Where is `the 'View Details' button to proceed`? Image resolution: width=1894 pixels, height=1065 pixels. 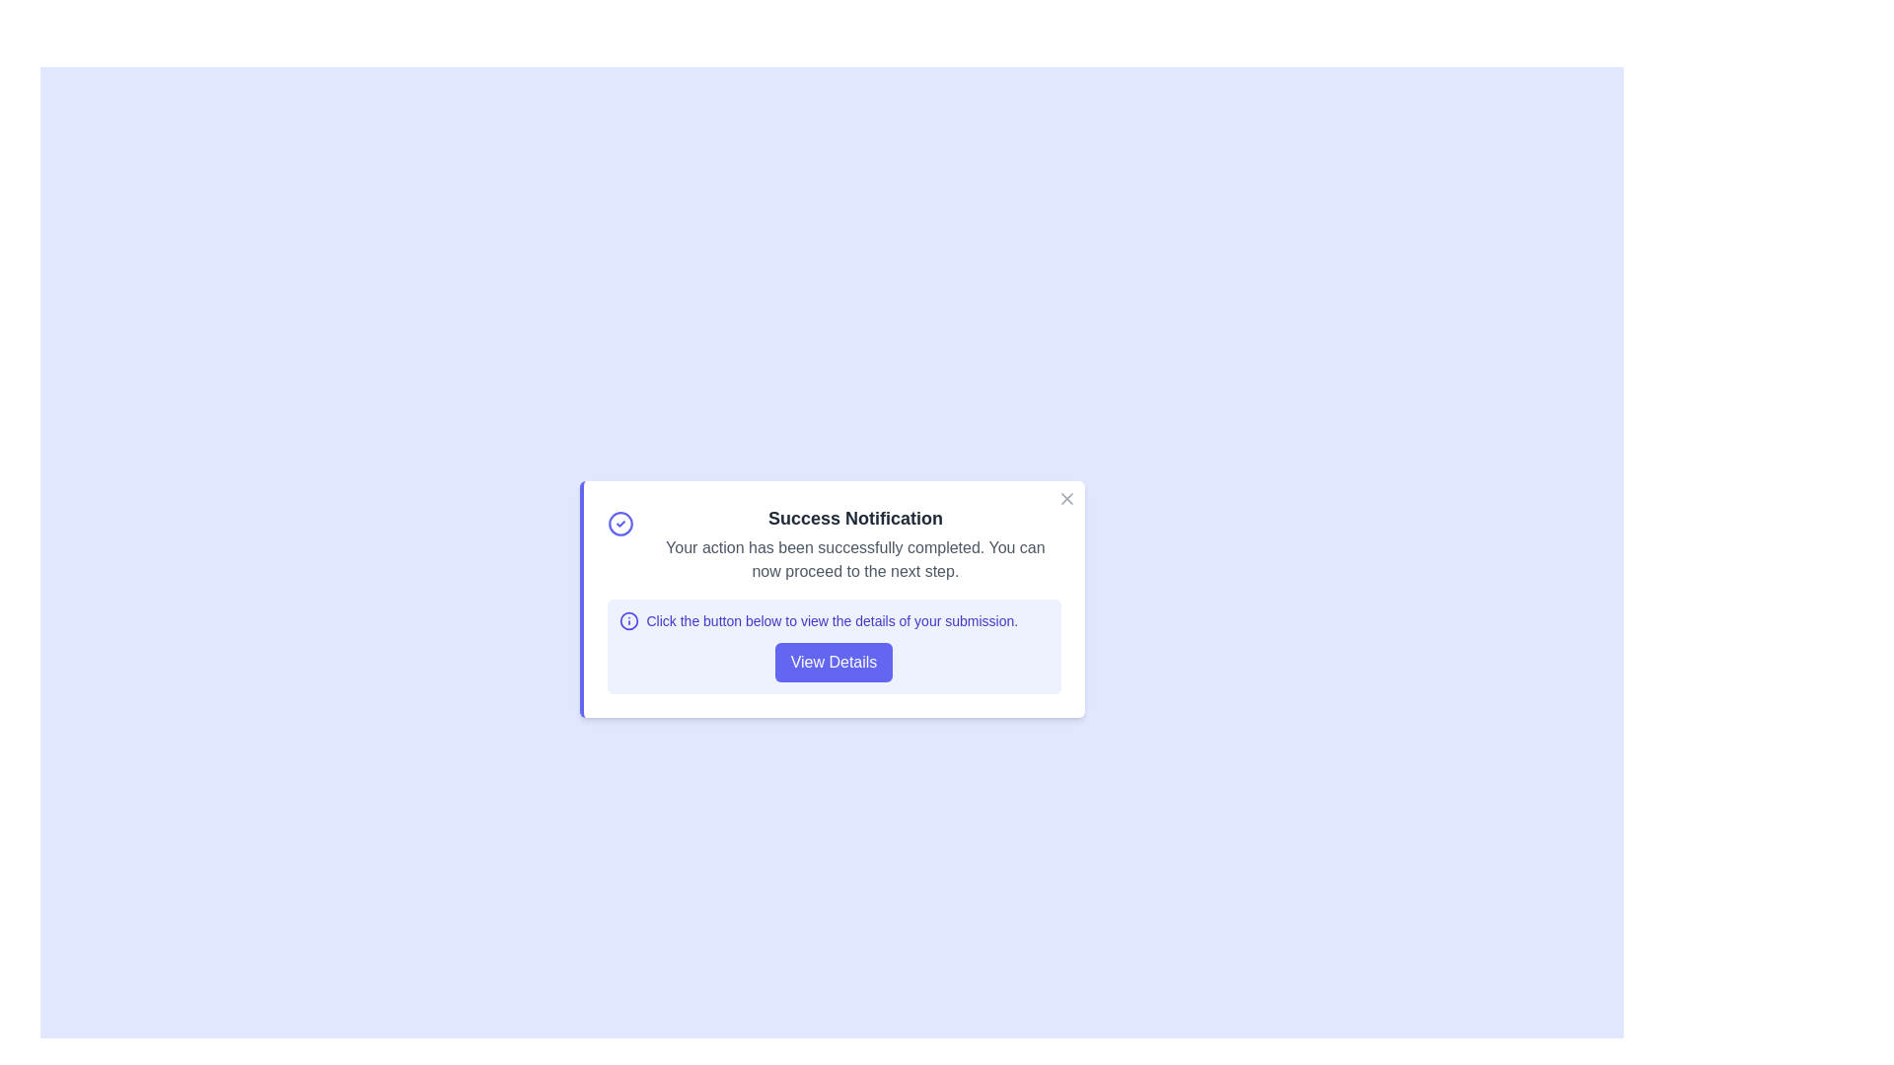 the 'View Details' button to proceed is located at coordinates (834, 662).